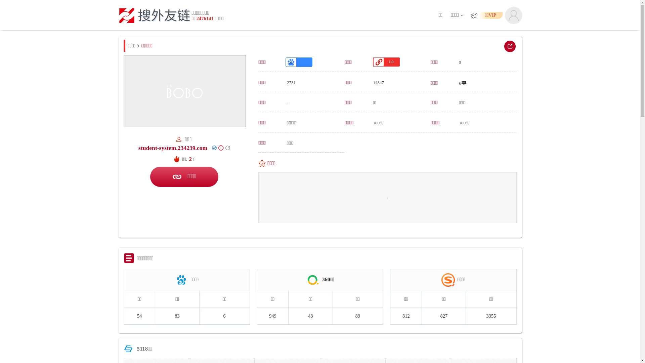 This screenshot has width=645, height=363. What do you see at coordinates (173, 147) in the screenshot?
I see `'student-system.234239.com'` at bounding box center [173, 147].